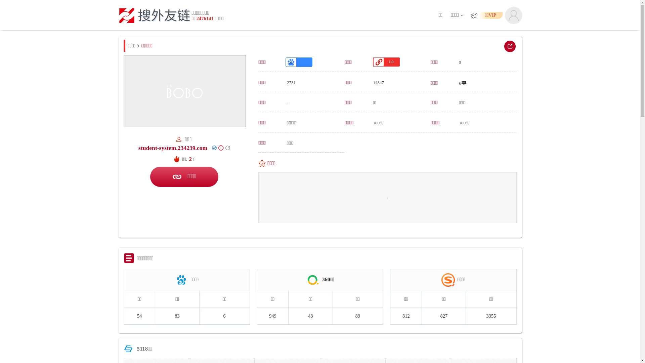 This screenshot has width=645, height=363. What do you see at coordinates (173, 147) in the screenshot?
I see `'student-system.234239.com'` at bounding box center [173, 147].